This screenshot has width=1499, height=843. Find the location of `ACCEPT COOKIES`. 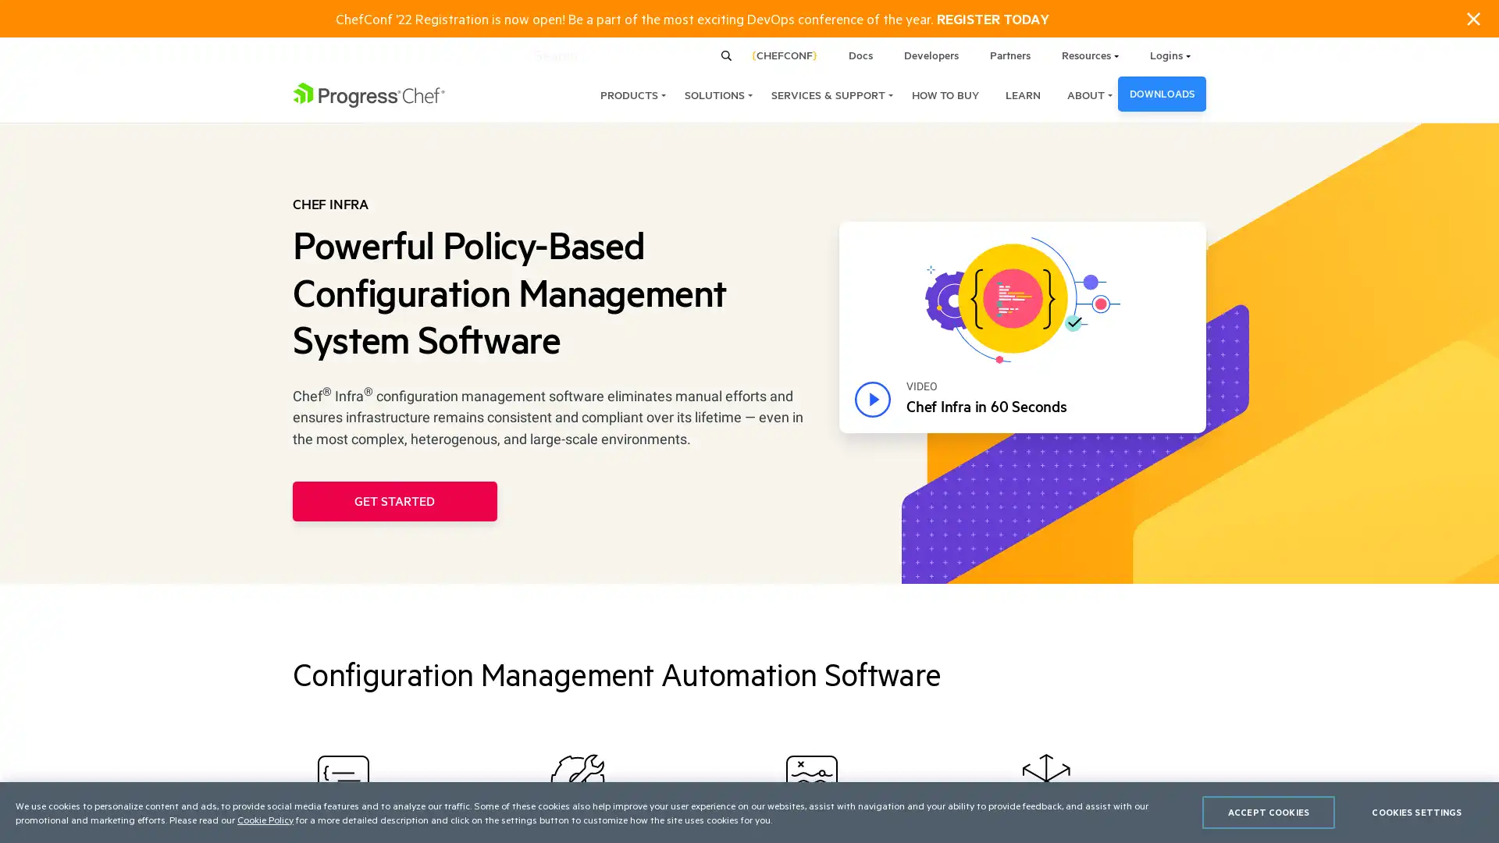

ACCEPT COOKIES is located at coordinates (1269, 812).